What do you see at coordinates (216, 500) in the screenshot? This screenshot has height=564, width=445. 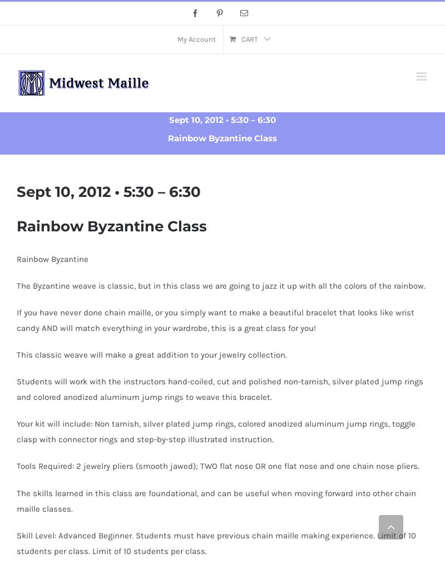 I see `'The skills learned in this class are foundational, and can be useful when moving forward into other chain maille classes.'` at bounding box center [216, 500].